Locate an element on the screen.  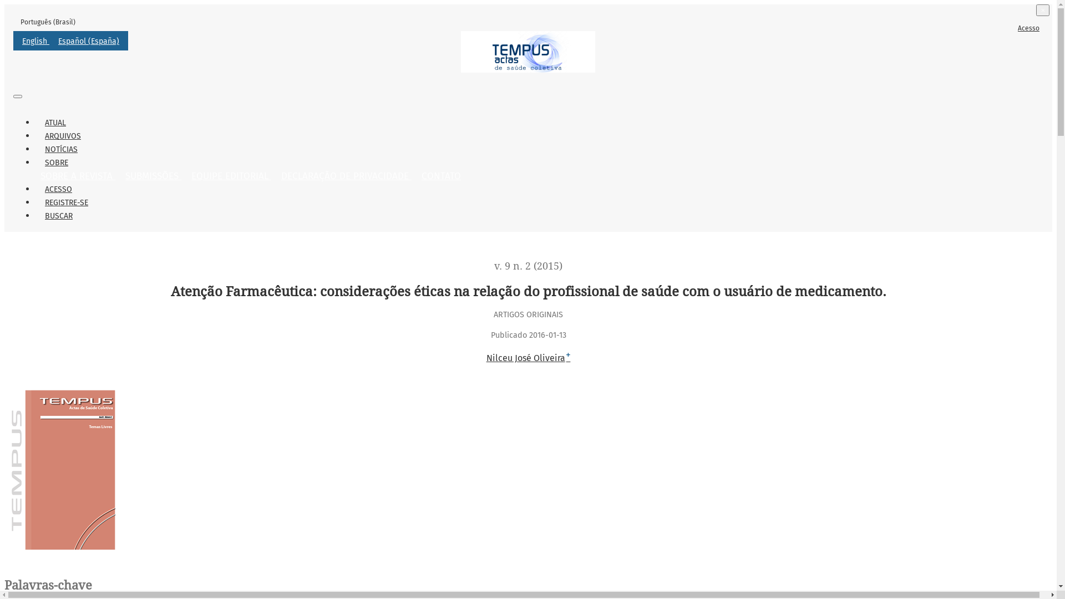
'ACESSO' is located at coordinates (58, 189).